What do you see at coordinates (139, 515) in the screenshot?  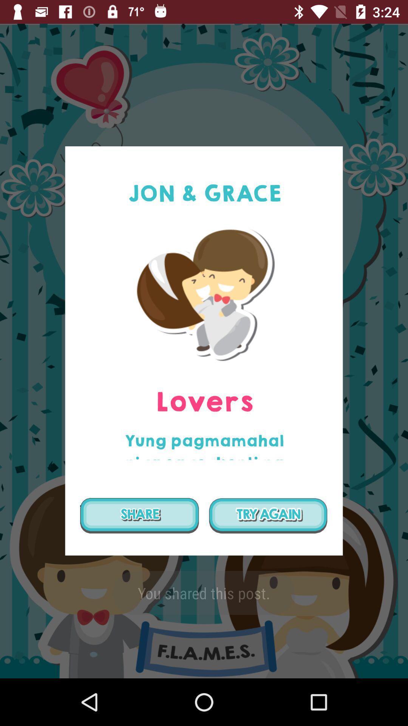 I see `share option` at bounding box center [139, 515].